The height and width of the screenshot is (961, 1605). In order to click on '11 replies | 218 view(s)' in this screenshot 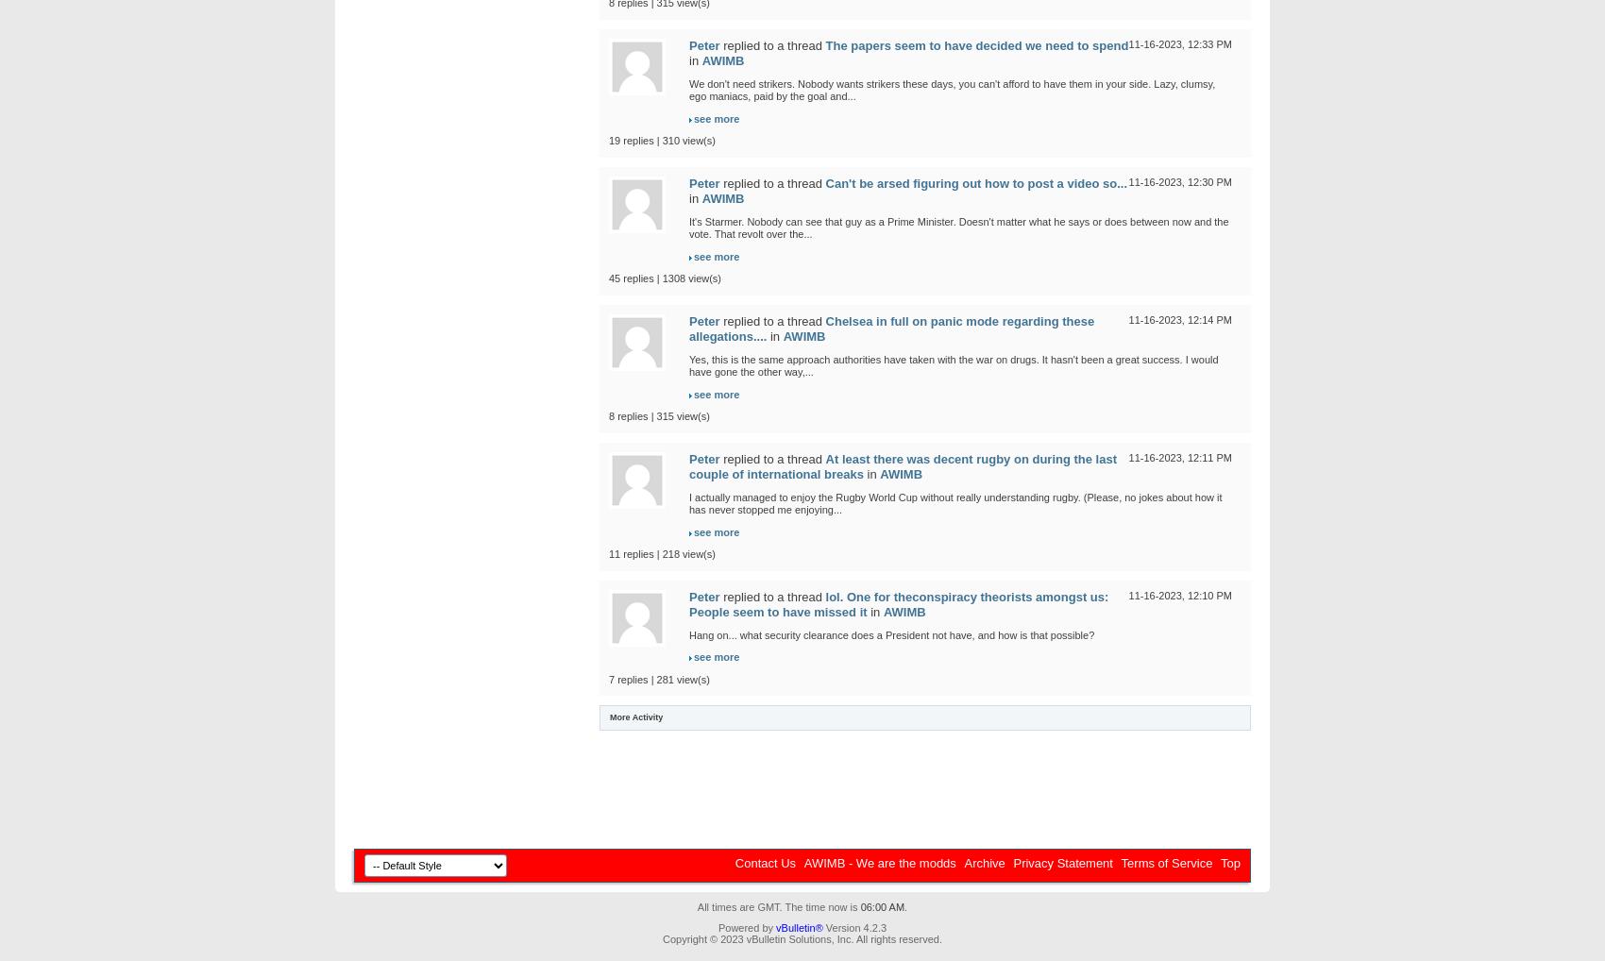, I will do `click(608, 553)`.